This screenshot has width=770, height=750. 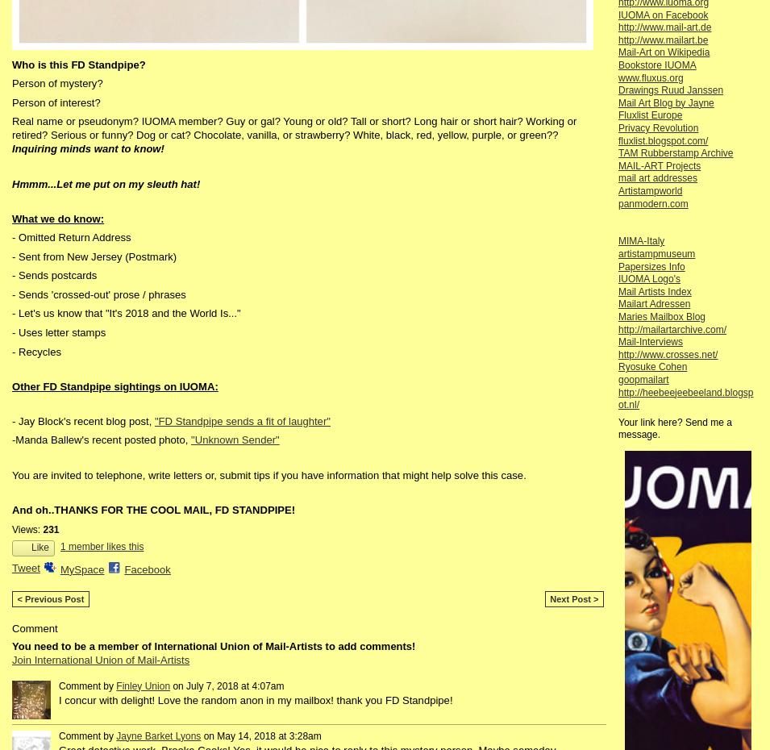 What do you see at coordinates (115, 685) in the screenshot?
I see `'Finley Union'` at bounding box center [115, 685].